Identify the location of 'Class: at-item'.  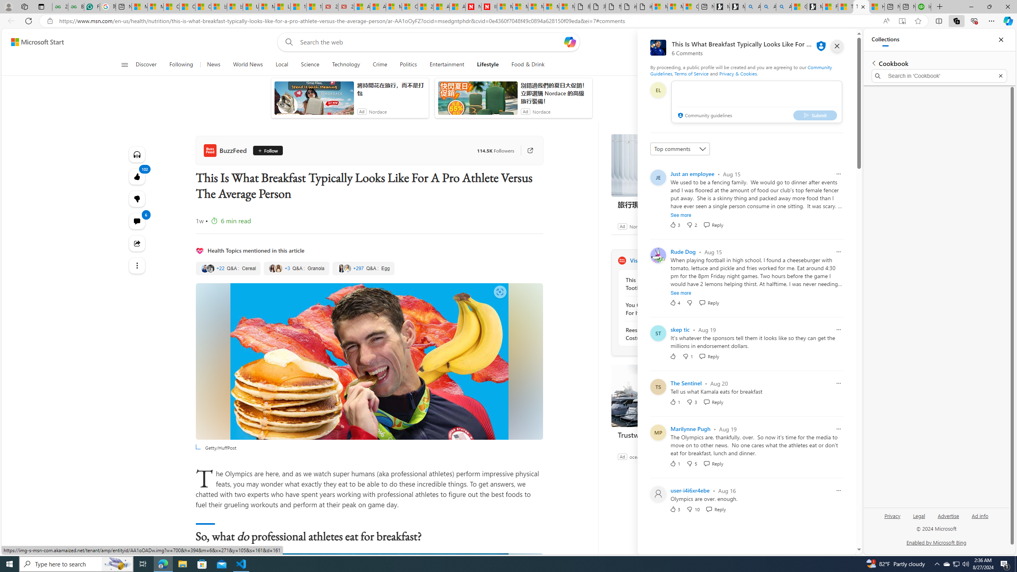
(137, 265).